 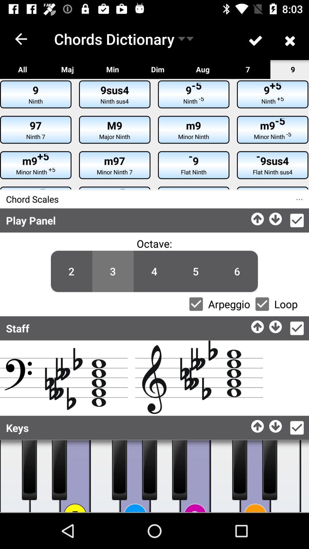 What do you see at coordinates (296, 328) in the screenshot?
I see `ok button` at bounding box center [296, 328].